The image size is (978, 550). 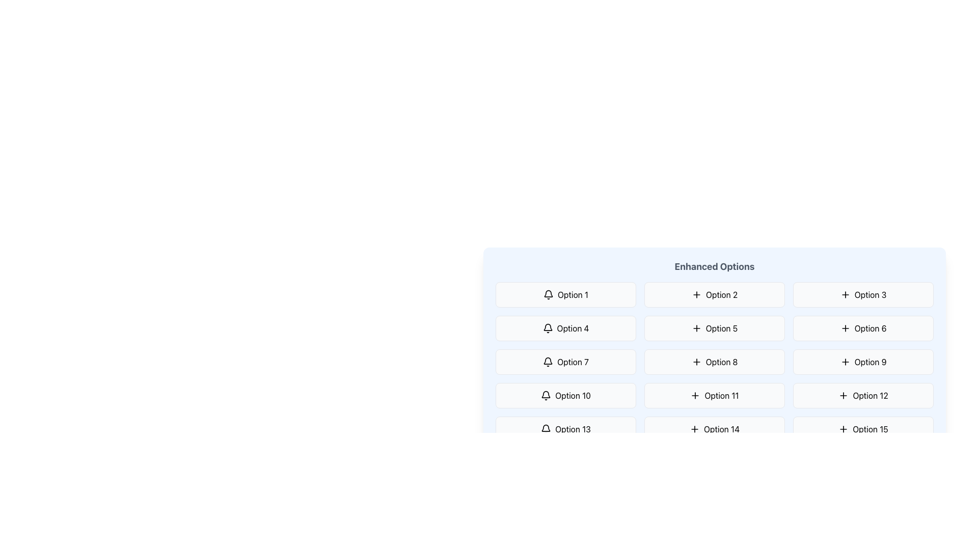 What do you see at coordinates (714, 334) in the screenshot?
I see `the 'Option 5' button in the middle column of the second row under 'Enhanced Options'` at bounding box center [714, 334].